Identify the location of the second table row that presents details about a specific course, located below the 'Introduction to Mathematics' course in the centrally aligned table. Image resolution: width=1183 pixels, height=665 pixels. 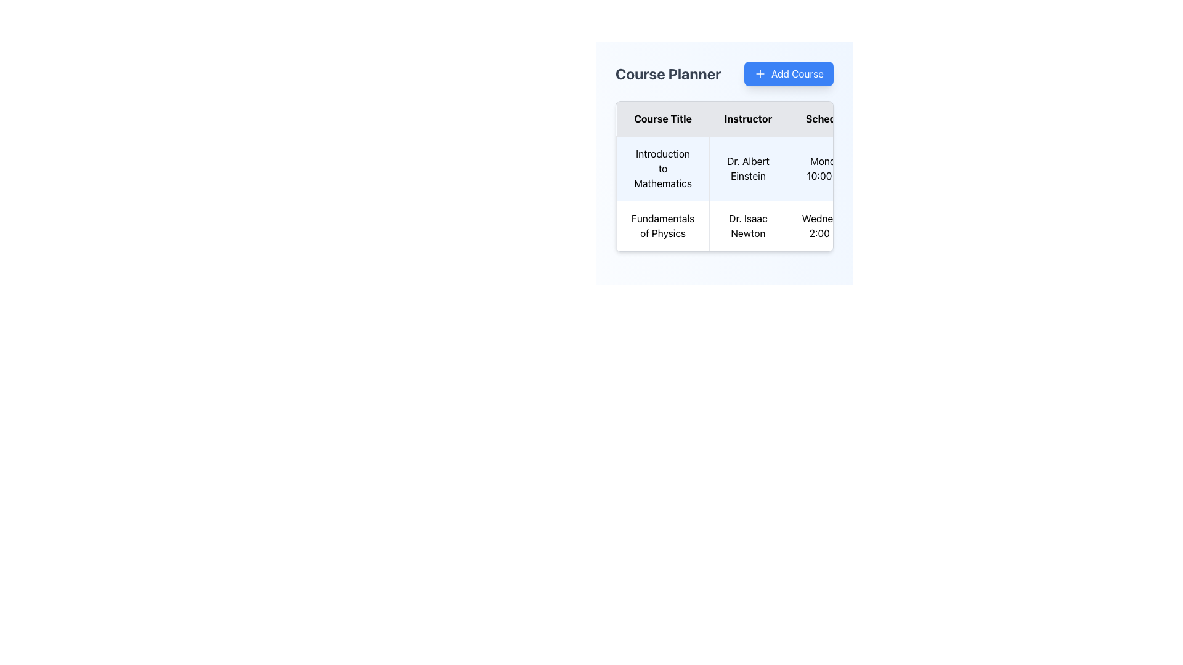
(775, 225).